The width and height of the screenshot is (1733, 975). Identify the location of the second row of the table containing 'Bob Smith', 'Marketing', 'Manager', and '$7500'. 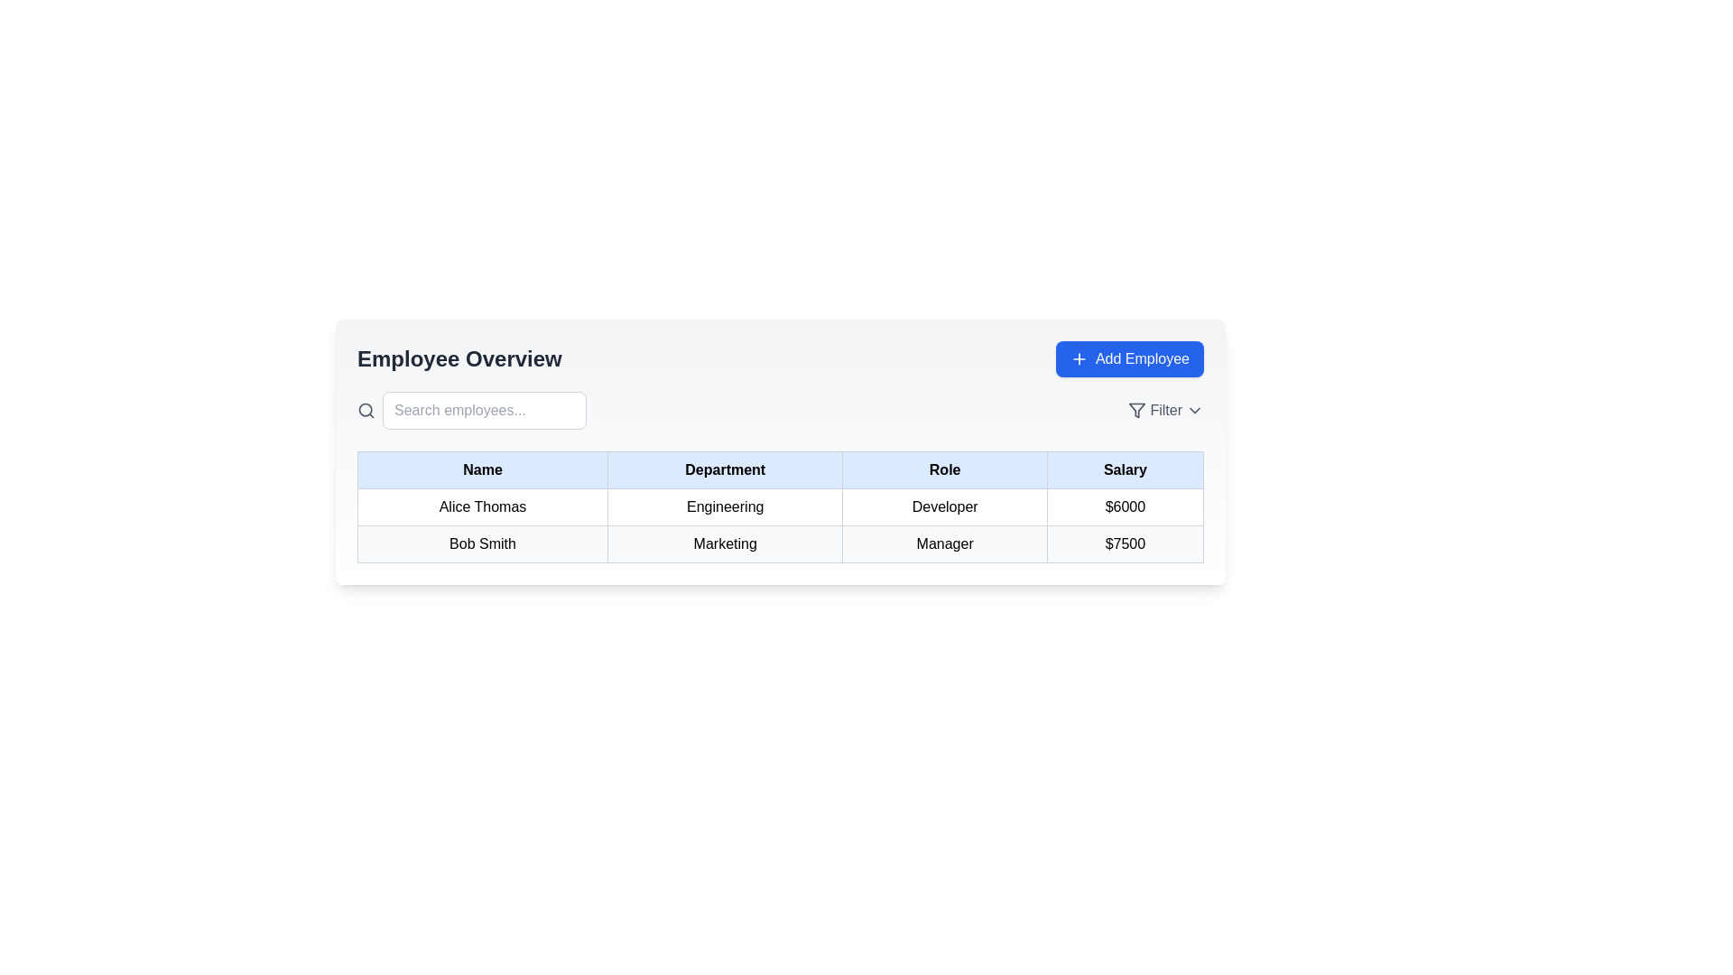
(780, 543).